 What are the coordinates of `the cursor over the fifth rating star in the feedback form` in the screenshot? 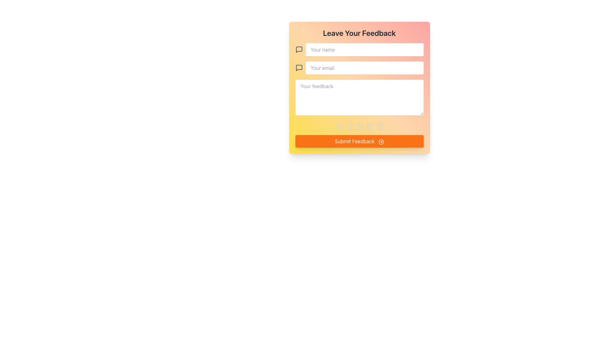 It's located at (359, 126).